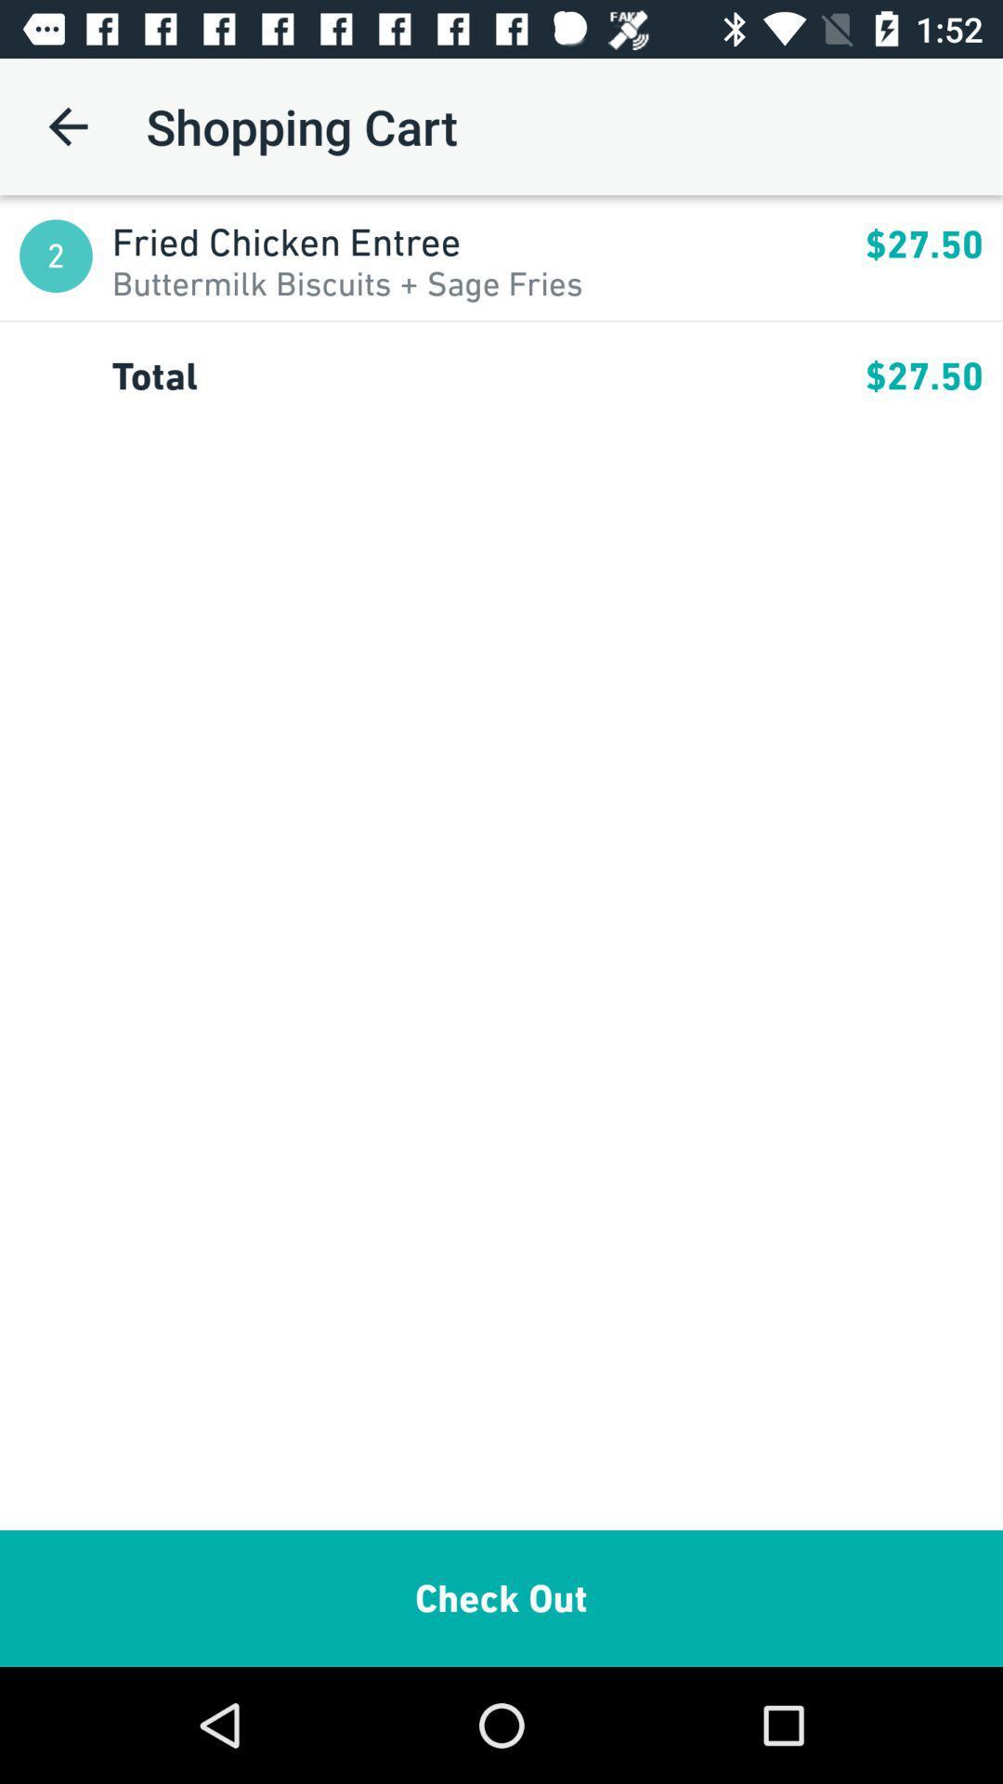 The width and height of the screenshot is (1003, 1784). Describe the element at coordinates (55, 255) in the screenshot. I see `item to the left of fried chicken entree item` at that location.